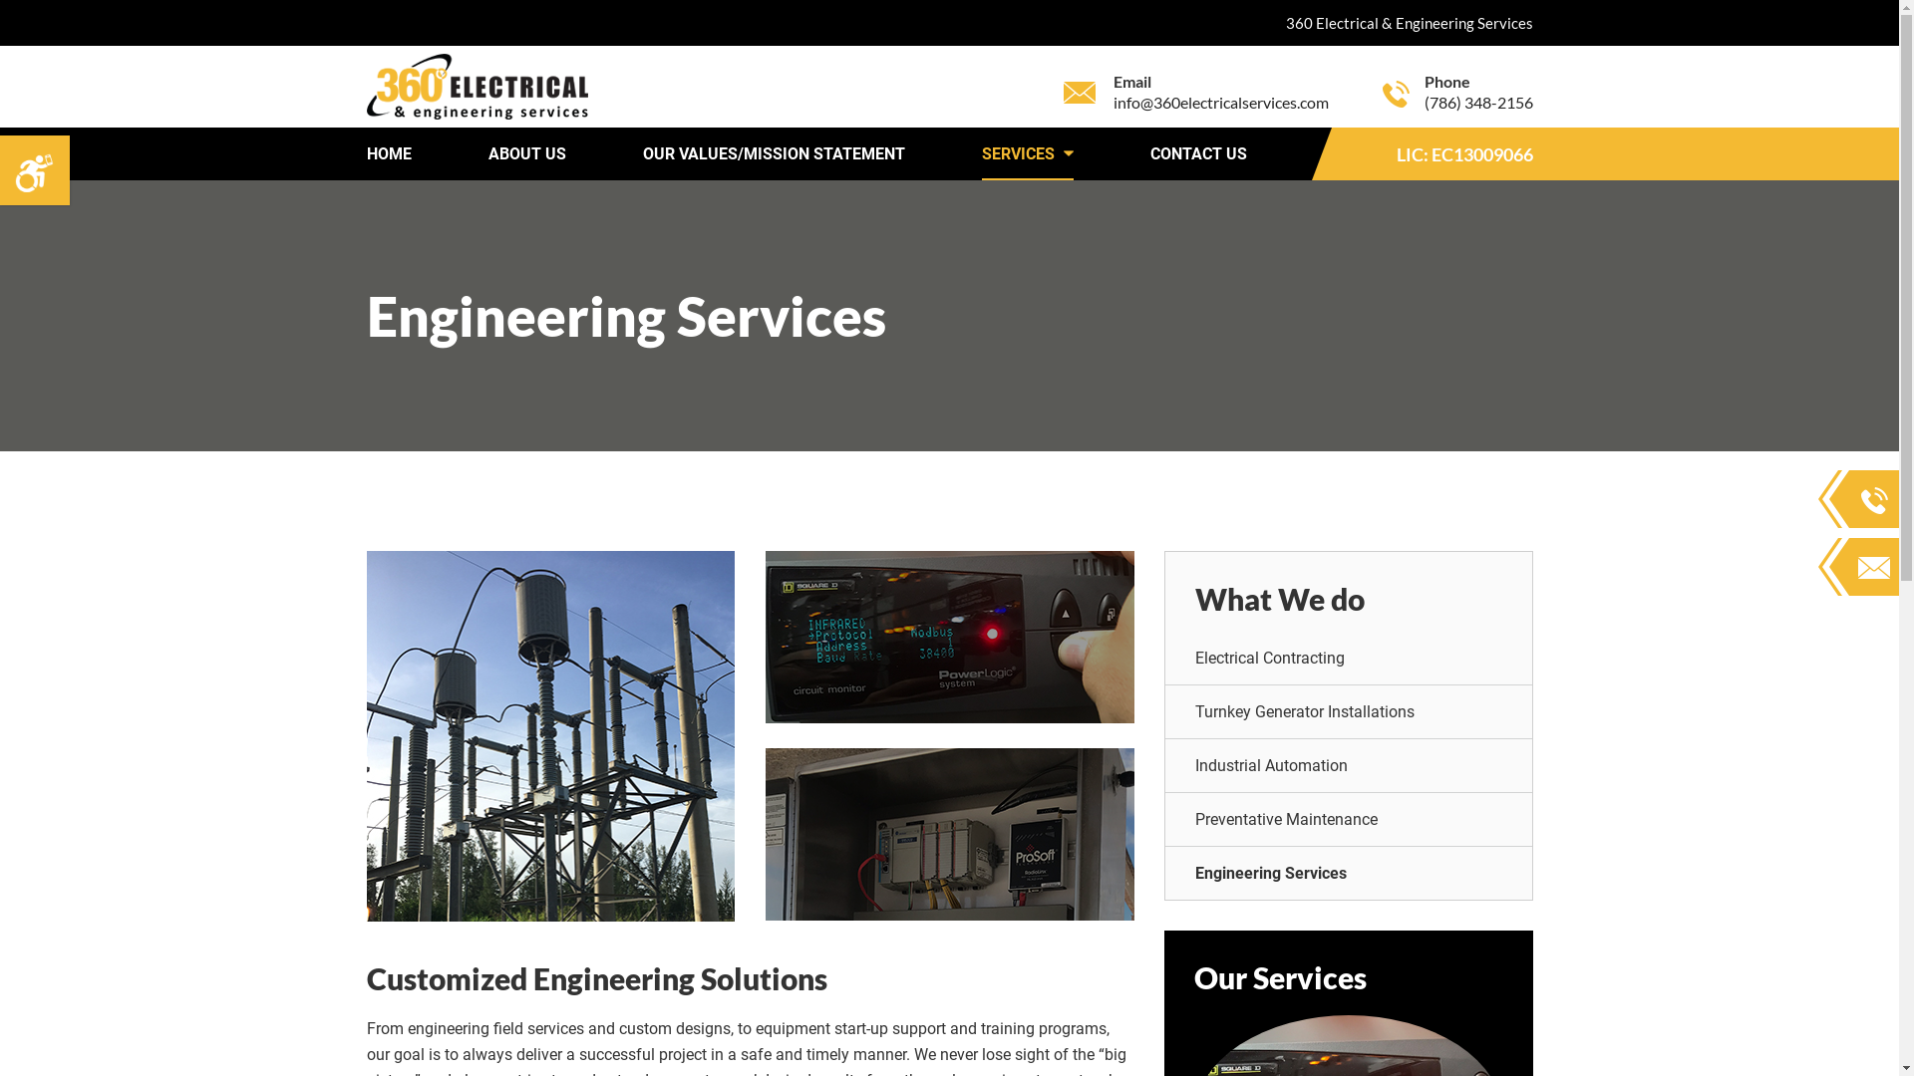 This screenshot has height=1076, width=1914. I want to click on 'Preventative Maintenance', so click(1348, 819).